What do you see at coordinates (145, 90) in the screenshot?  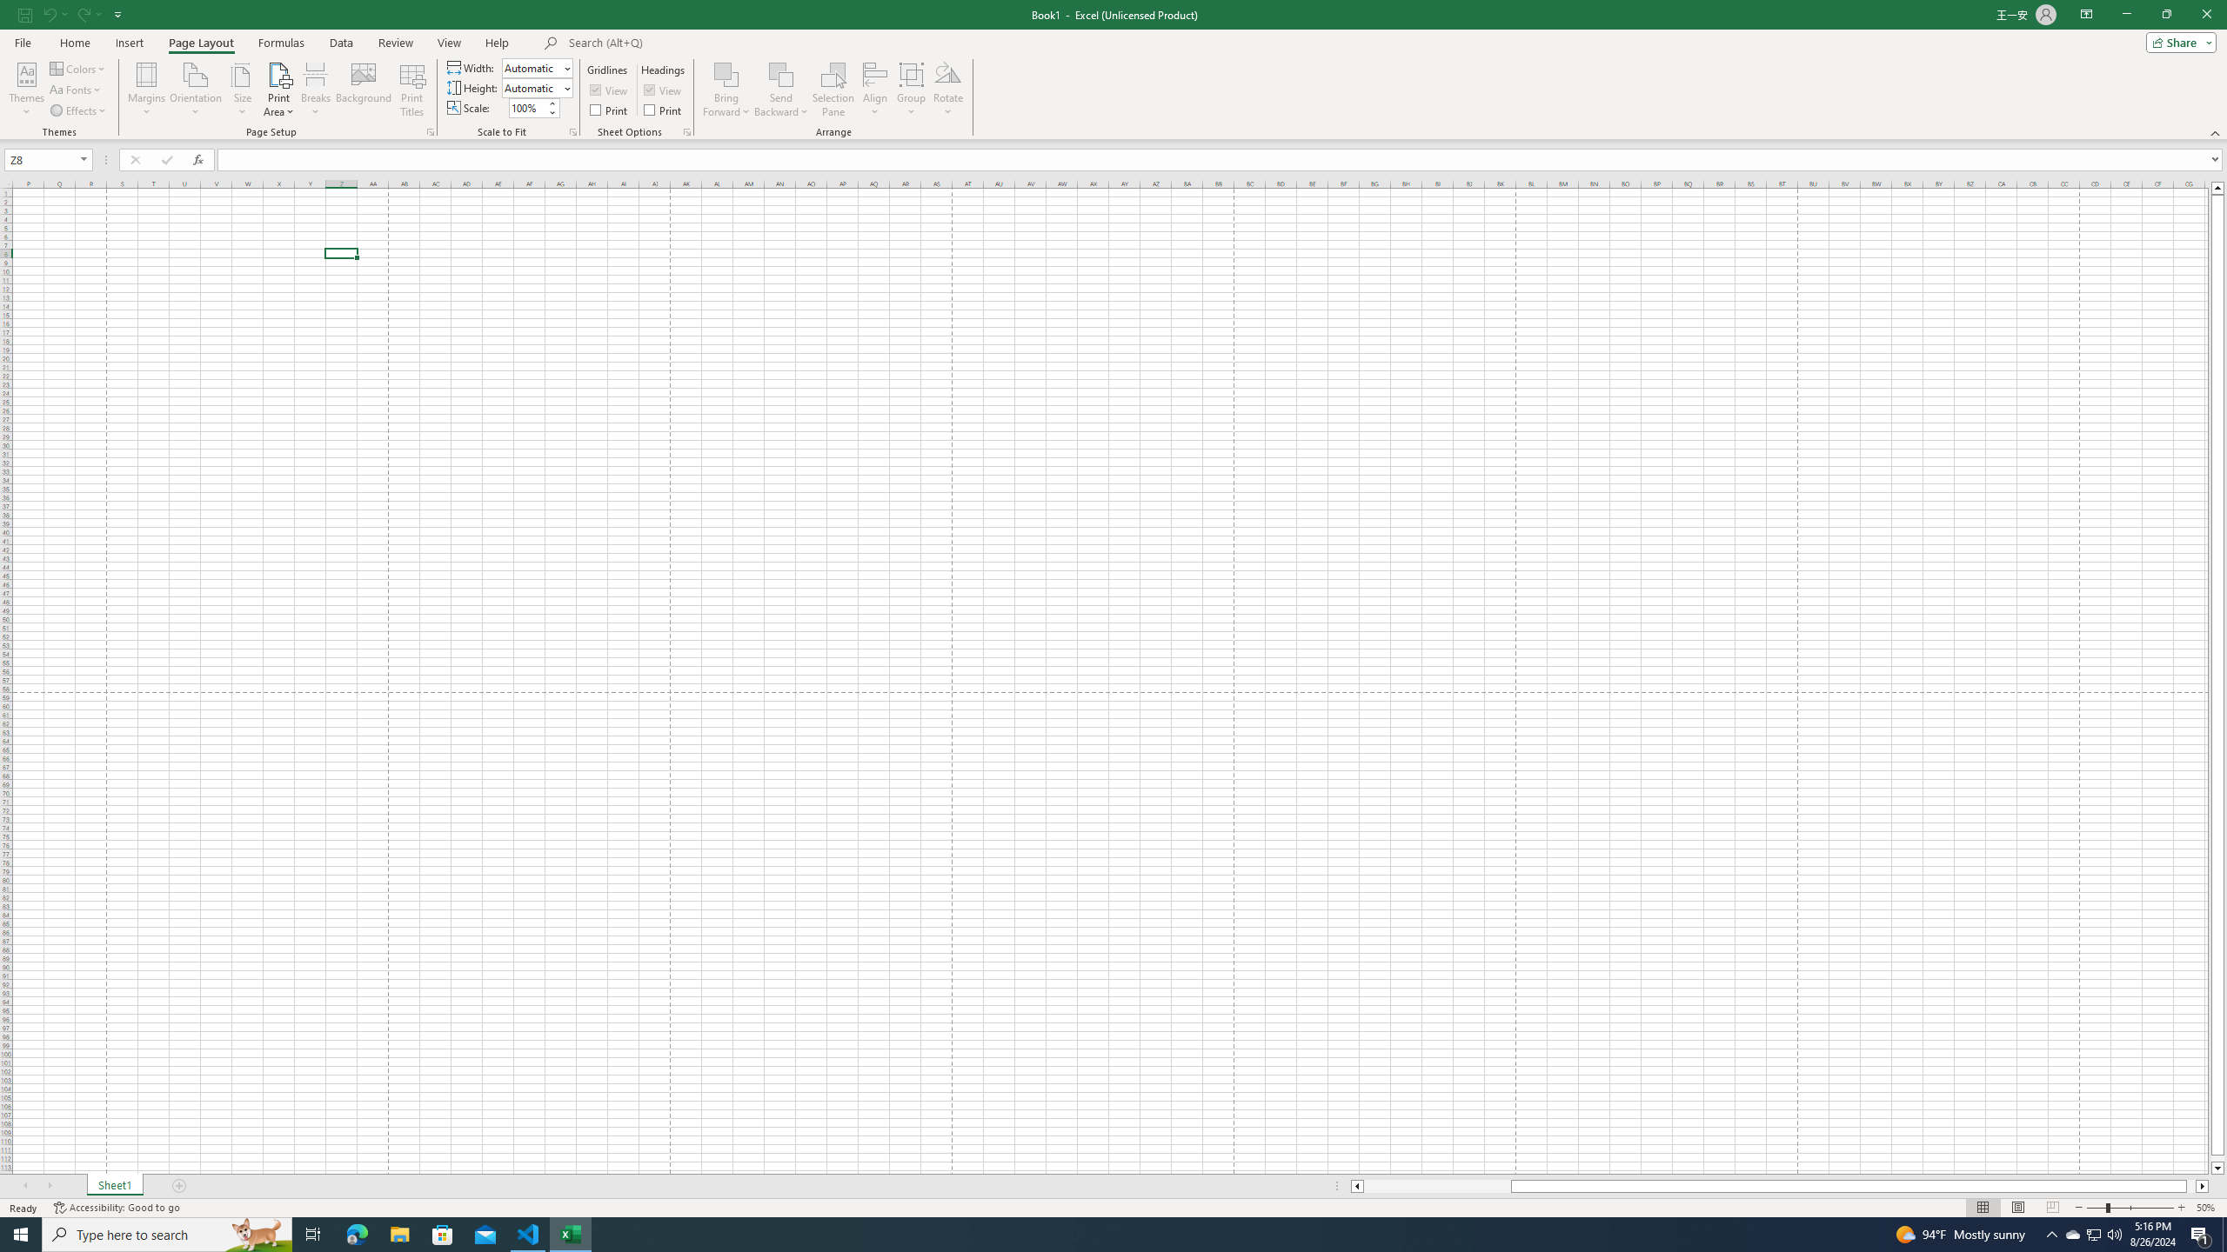 I see `'Margins'` at bounding box center [145, 90].